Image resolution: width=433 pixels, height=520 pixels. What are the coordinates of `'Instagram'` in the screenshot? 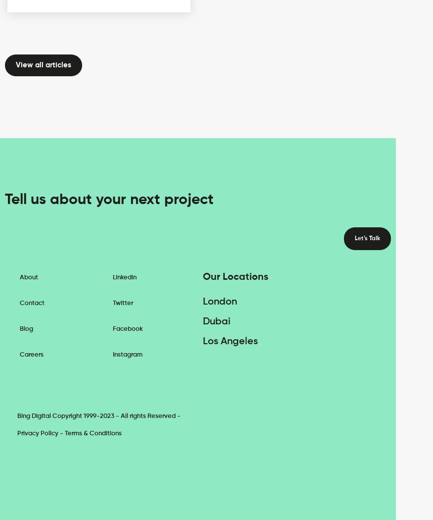 It's located at (126, 354).